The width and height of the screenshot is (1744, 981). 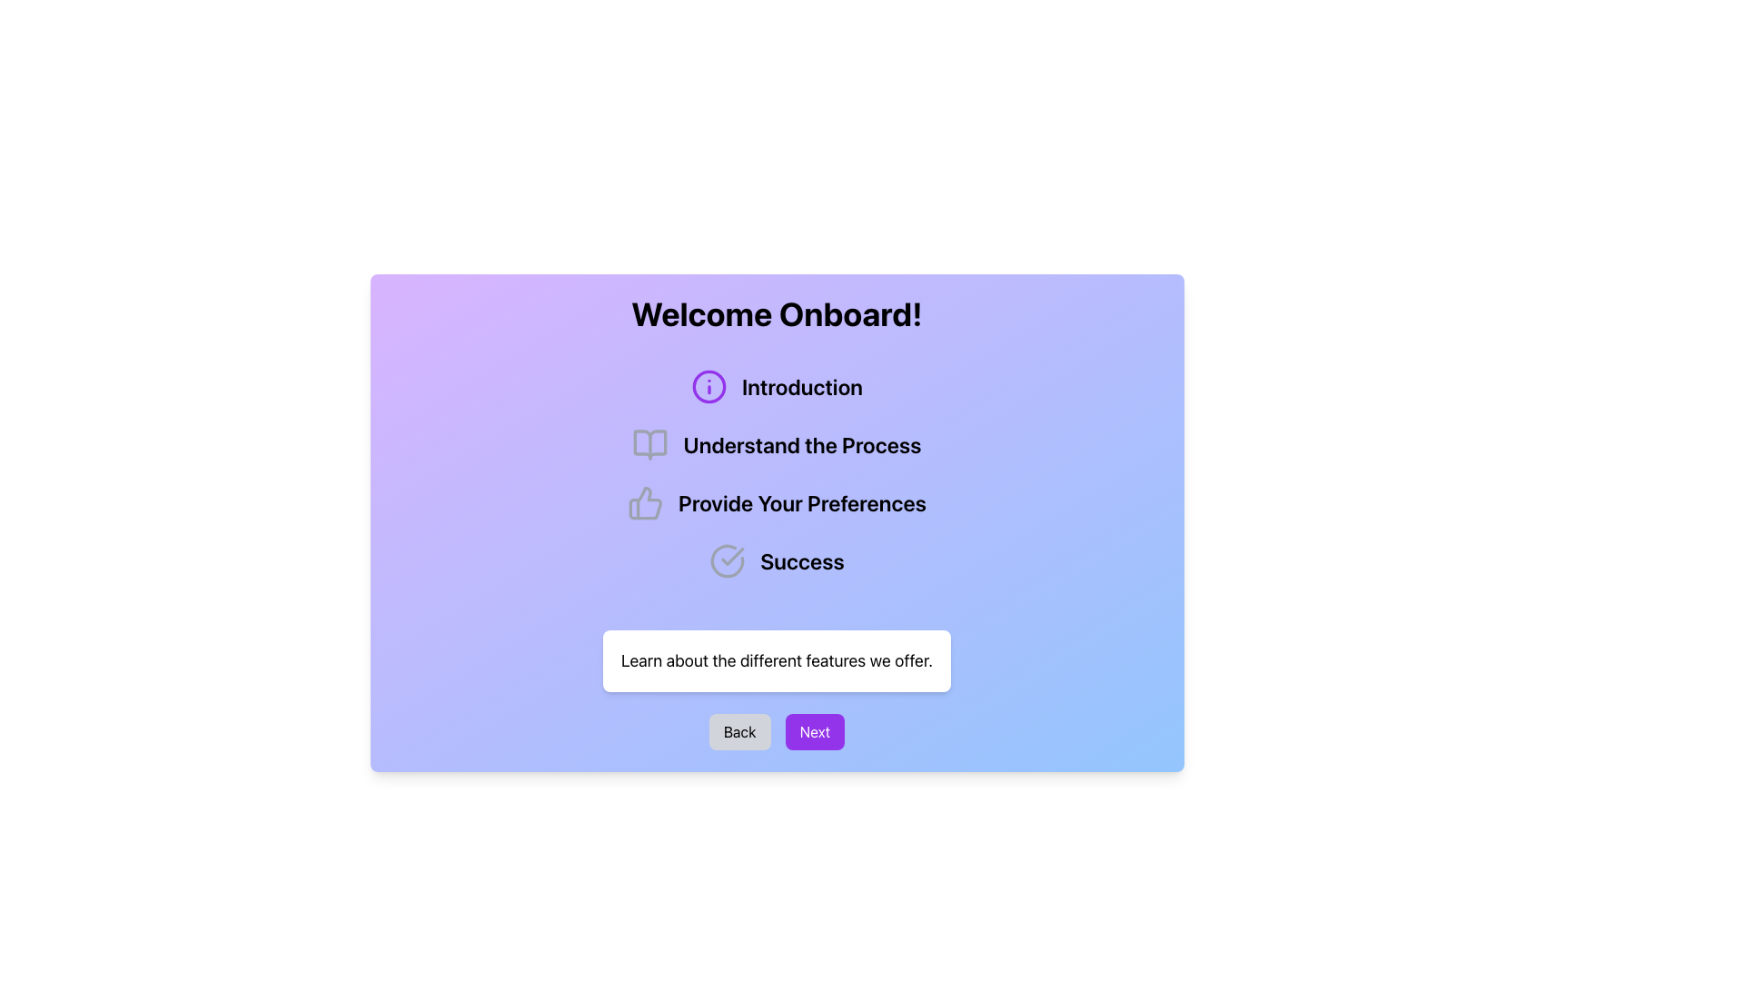 What do you see at coordinates (708, 385) in the screenshot?
I see `the circular icon containing an 'i' character with a purple outline, located to the left of the text 'Introduction' in the uppermost section of the list` at bounding box center [708, 385].